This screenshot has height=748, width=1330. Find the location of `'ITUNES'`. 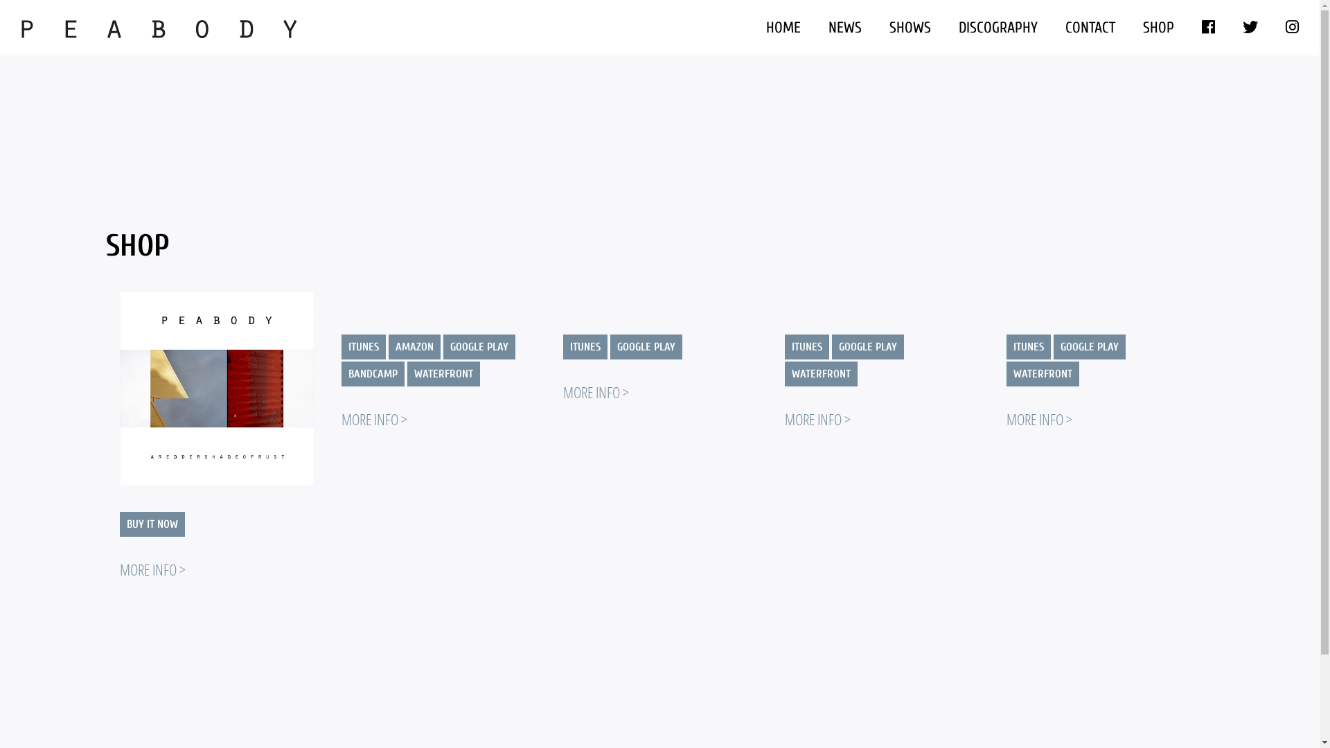

'ITUNES' is located at coordinates (362, 346).